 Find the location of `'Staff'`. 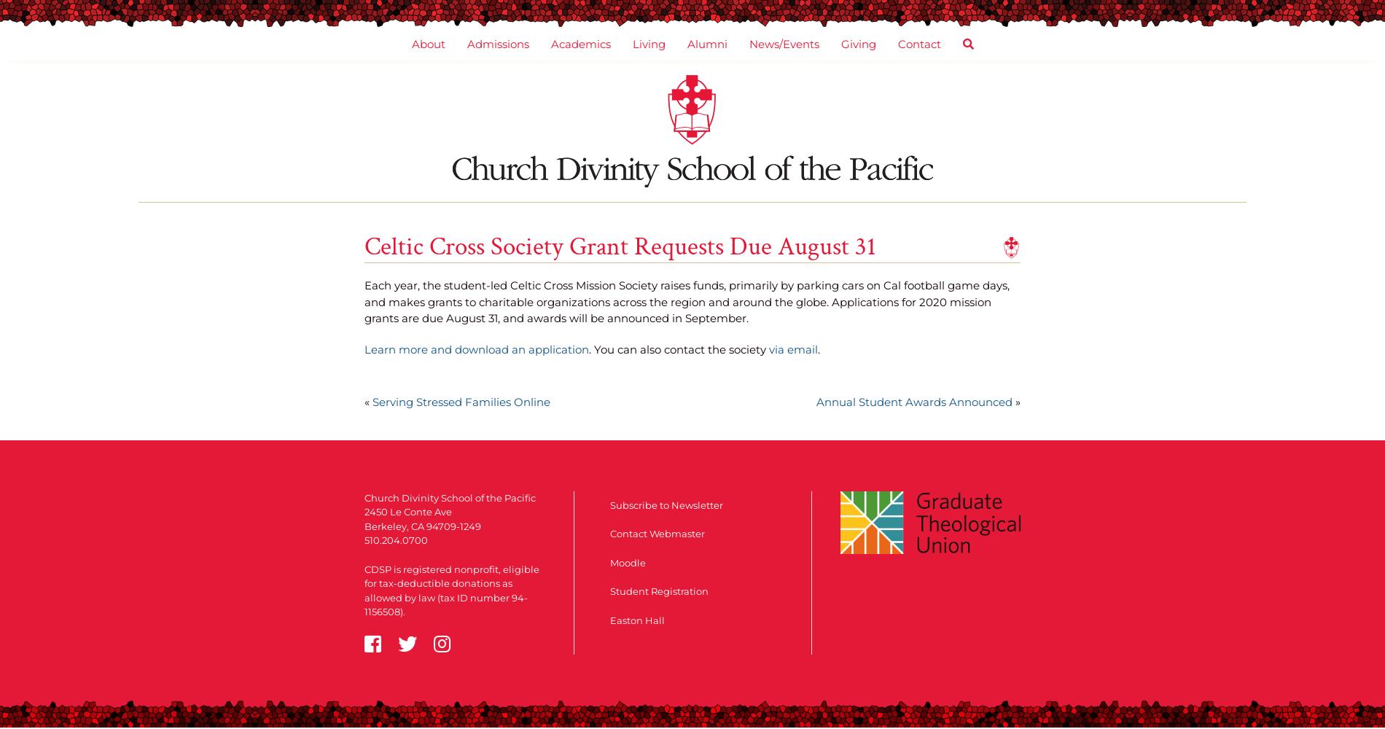

'Staff' is located at coordinates (454, 233).